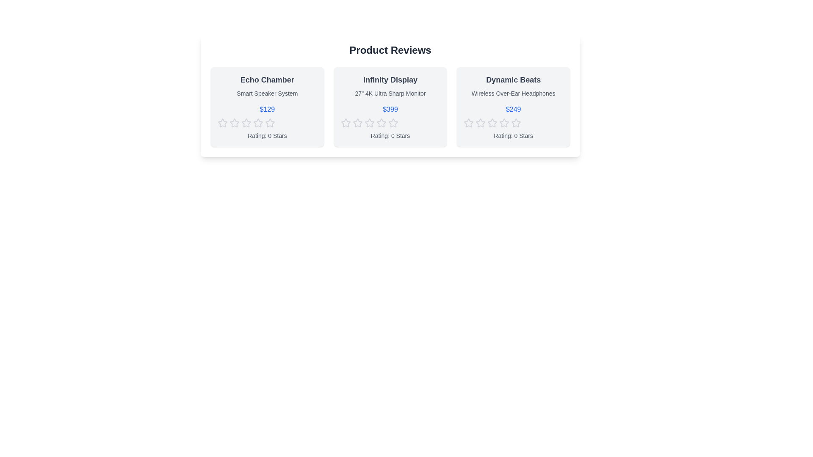  What do you see at coordinates (390, 107) in the screenshot?
I see `the price of the Product information card, which is centrally located in the grid layout` at bounding box center [390, 107].